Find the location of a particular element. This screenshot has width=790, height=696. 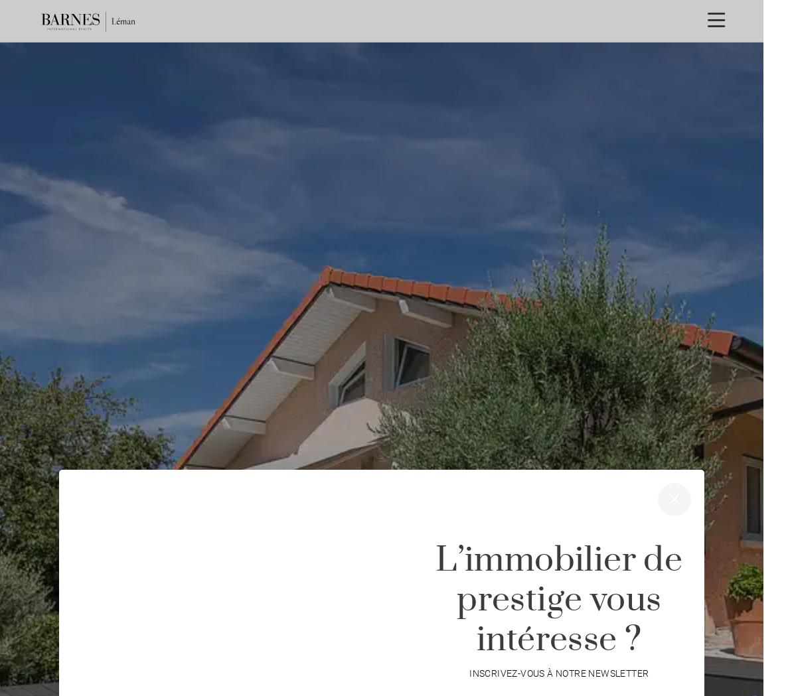

'Pour quel budget ?' is located at coordinates (532, 633).